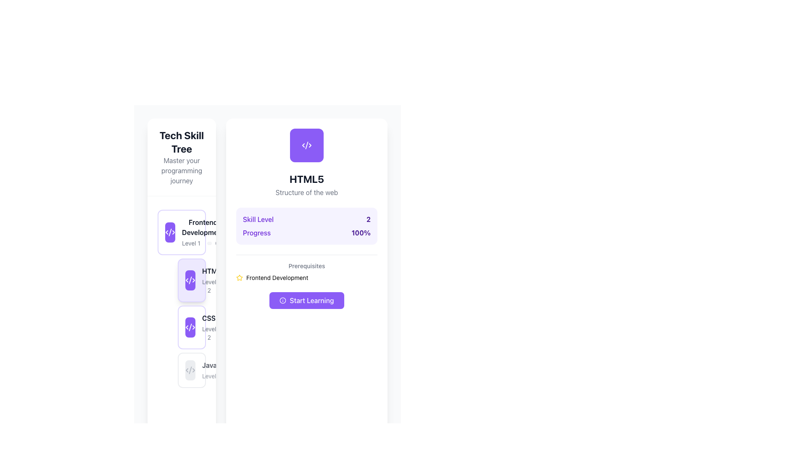  What do you see at coordinates (306, 193) in the screenshot?
I see `the small-sized textual label reading 'Structure of the web', which is styled in gray and positioned beneath the 'HTML5' heading` at bounding box center [306, 193].